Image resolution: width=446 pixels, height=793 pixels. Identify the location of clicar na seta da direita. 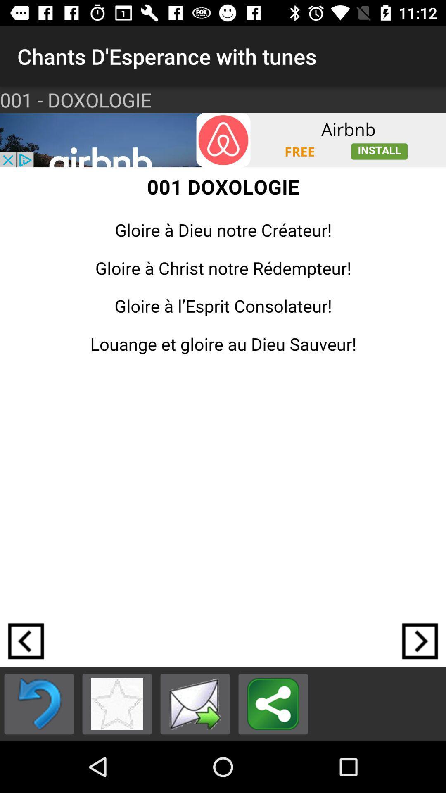
(420, 641).